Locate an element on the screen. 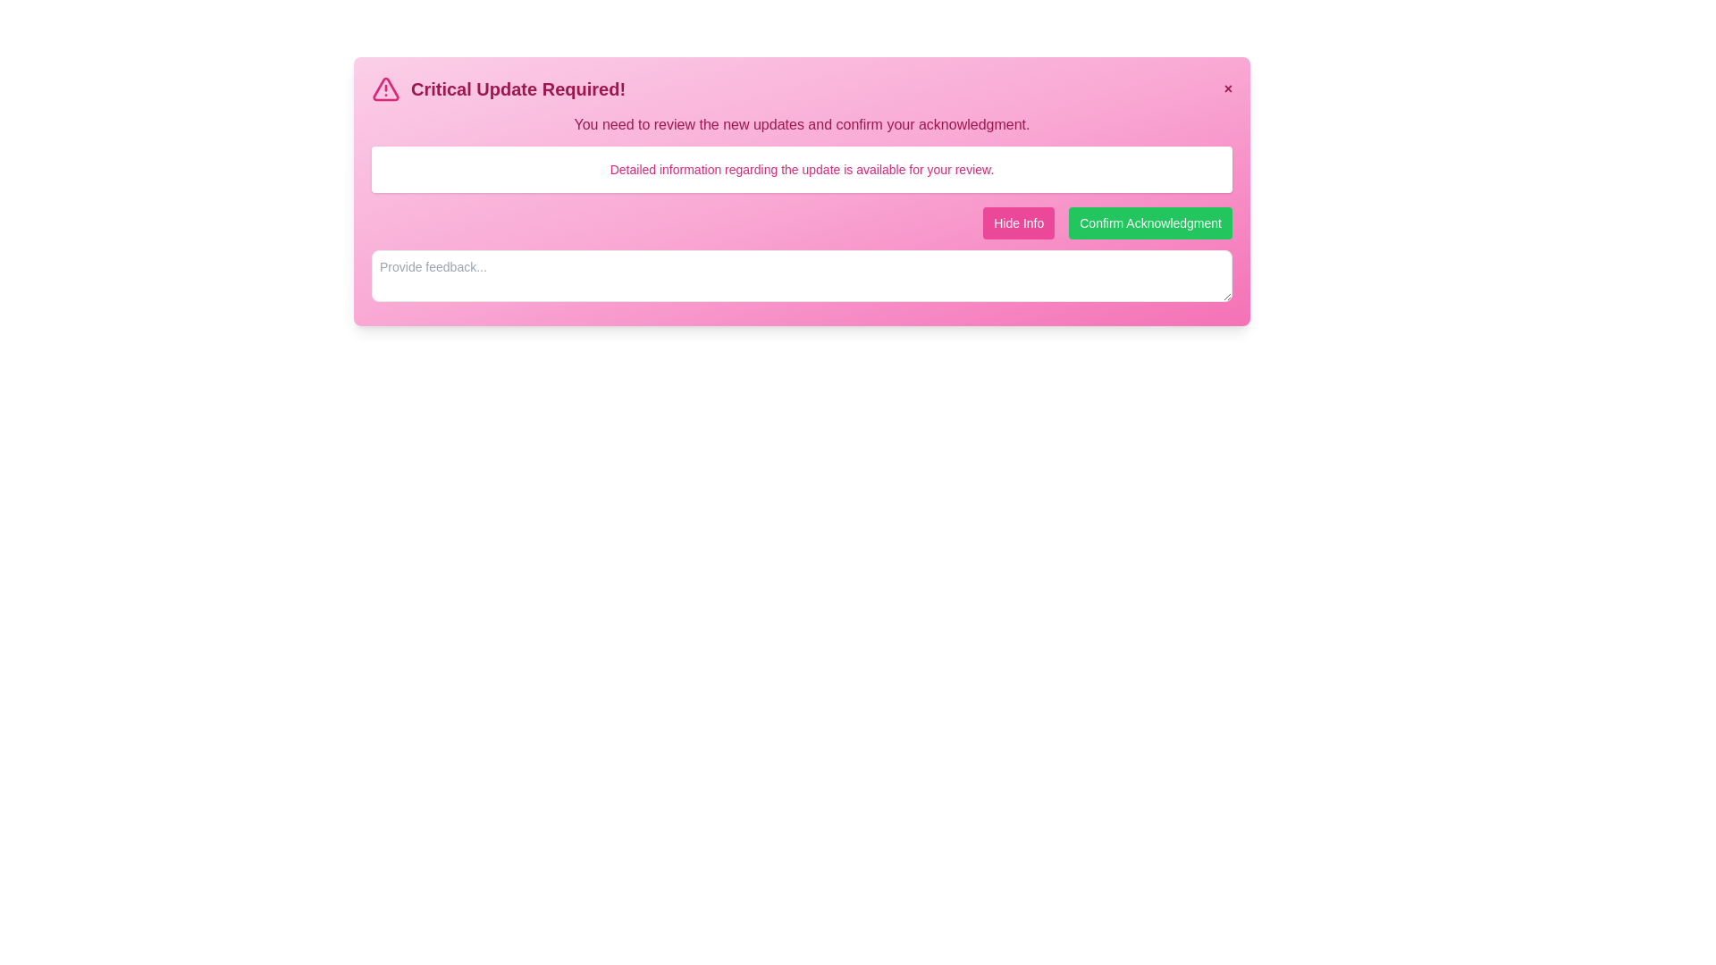  close button to dismiss the alert is located at coordinates (1226, 89).